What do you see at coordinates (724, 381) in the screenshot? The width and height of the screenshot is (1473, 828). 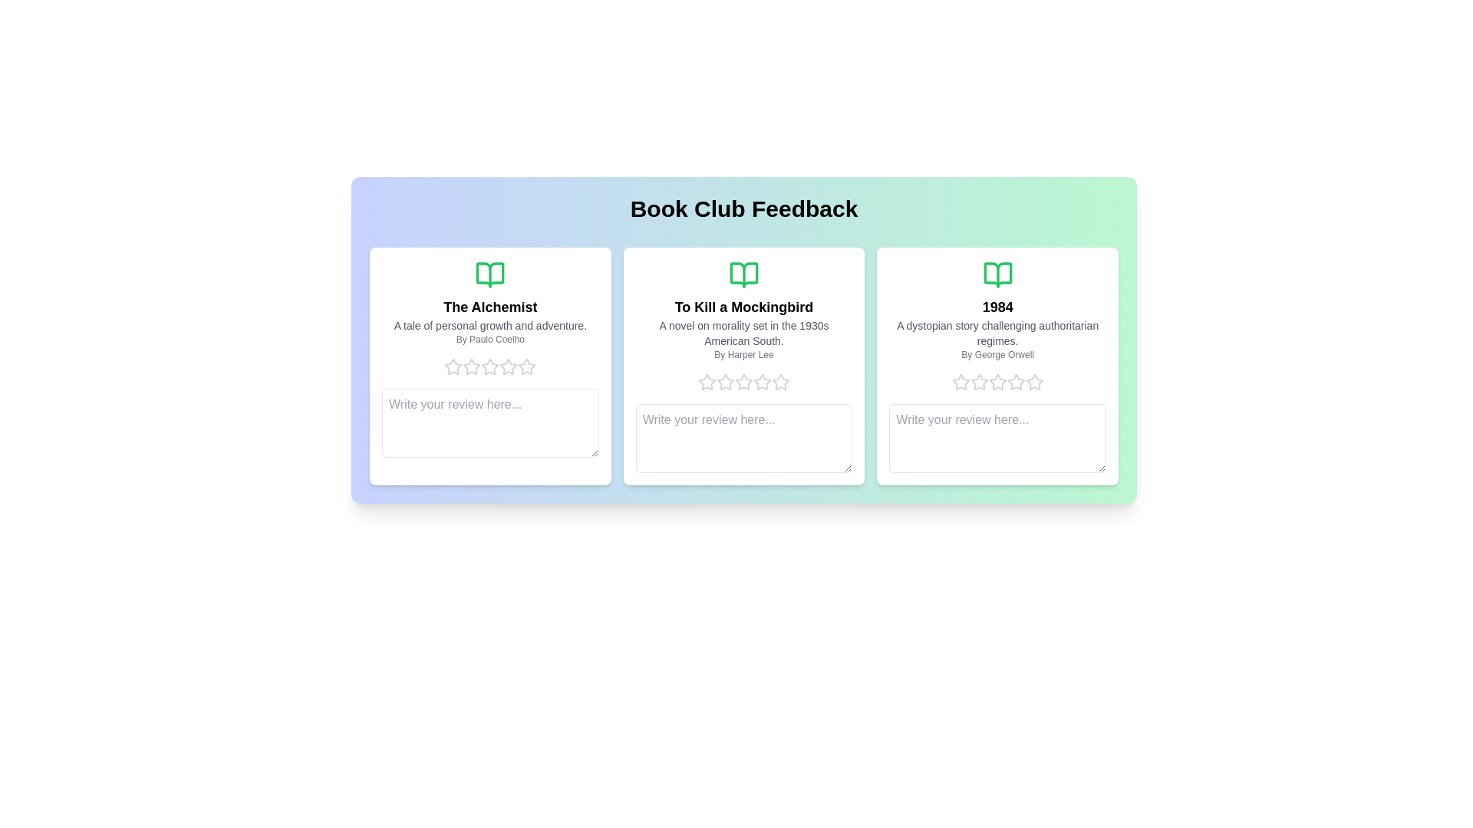 I see `the third star-shaped icon in the horizontal row of five stars under the book title 'To Kill a Mockingbird' to rate it` at bounding box center [724, 381].